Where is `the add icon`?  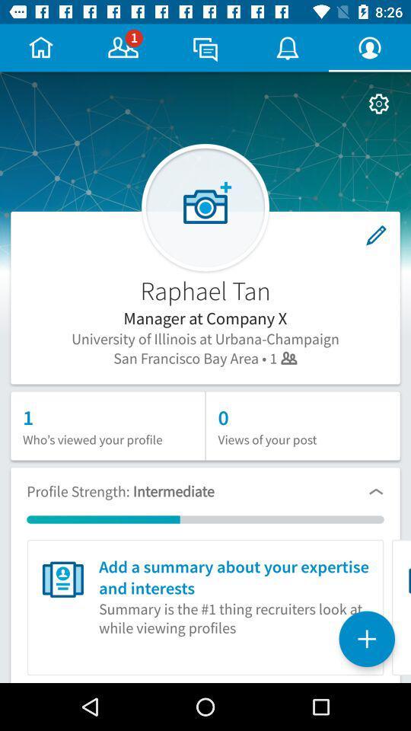
the add icon is located at coordinates (366, 639).